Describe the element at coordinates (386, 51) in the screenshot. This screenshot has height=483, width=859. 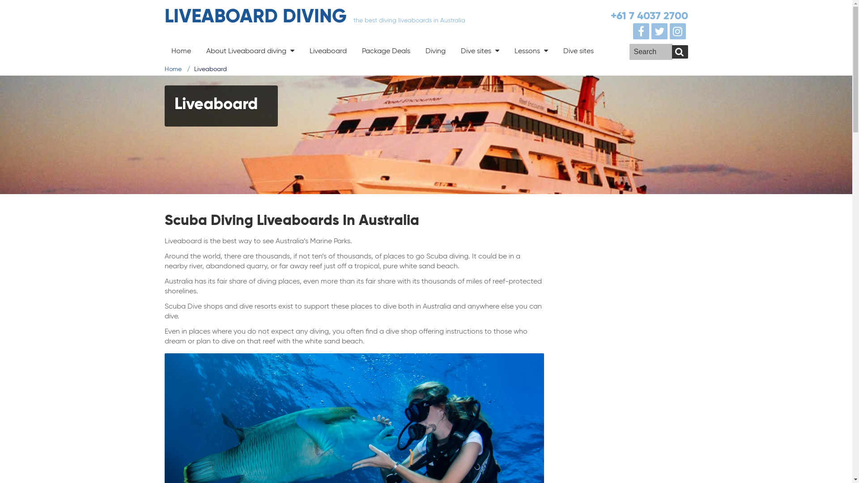
I see `'Package Deals'` at that location.